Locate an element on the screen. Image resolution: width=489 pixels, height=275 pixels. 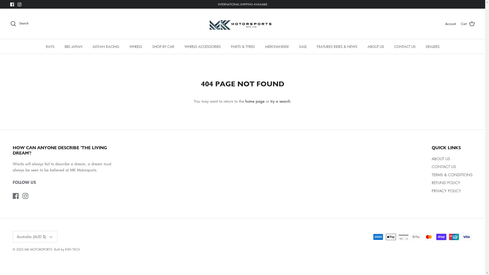
'BBS JAPAN' is located at coordinates (73, 46).